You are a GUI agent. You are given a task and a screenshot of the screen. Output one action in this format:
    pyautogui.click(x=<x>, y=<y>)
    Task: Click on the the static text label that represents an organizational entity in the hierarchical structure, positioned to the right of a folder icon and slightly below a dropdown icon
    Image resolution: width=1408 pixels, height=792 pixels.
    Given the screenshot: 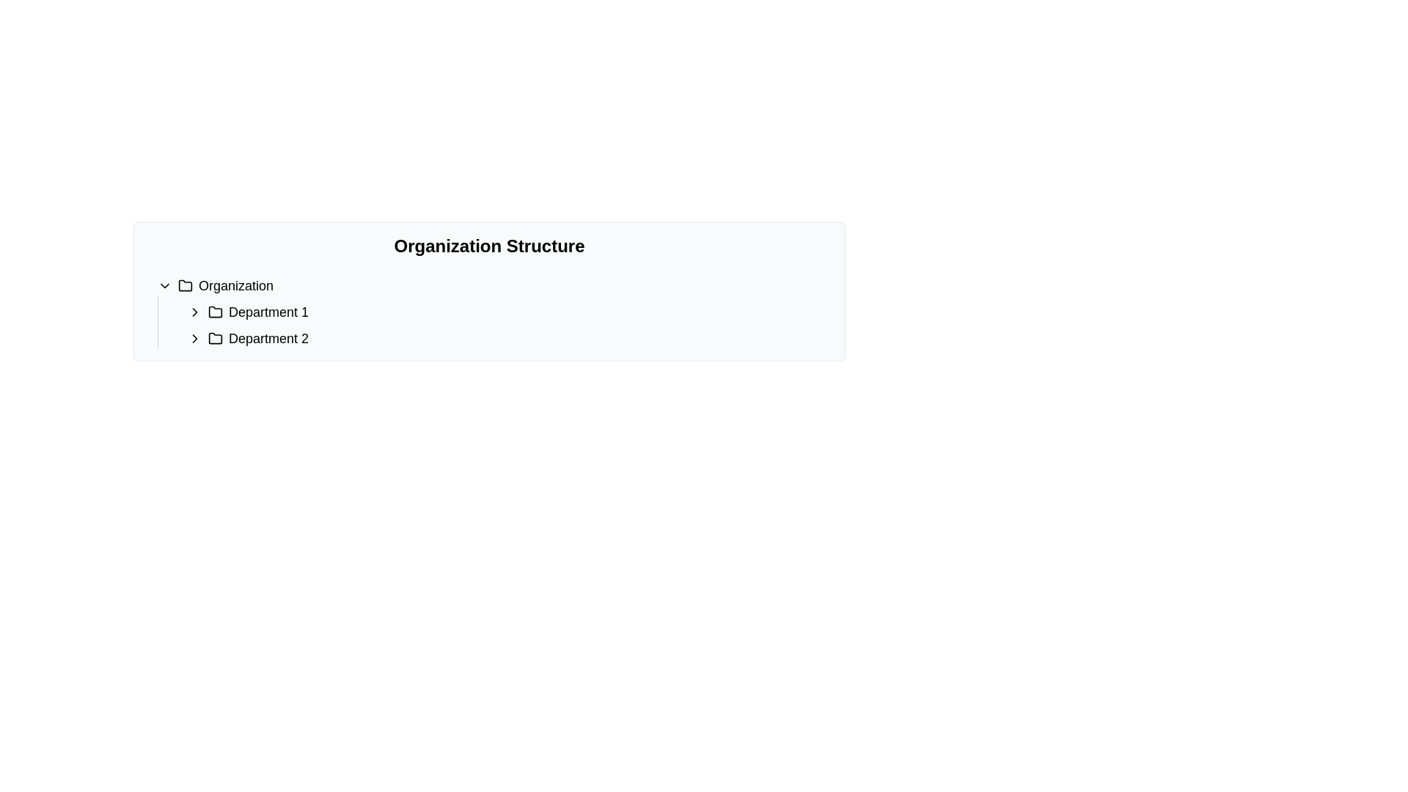 What is the action you would take?
    pyautogui.click(x=235, y=285)
    